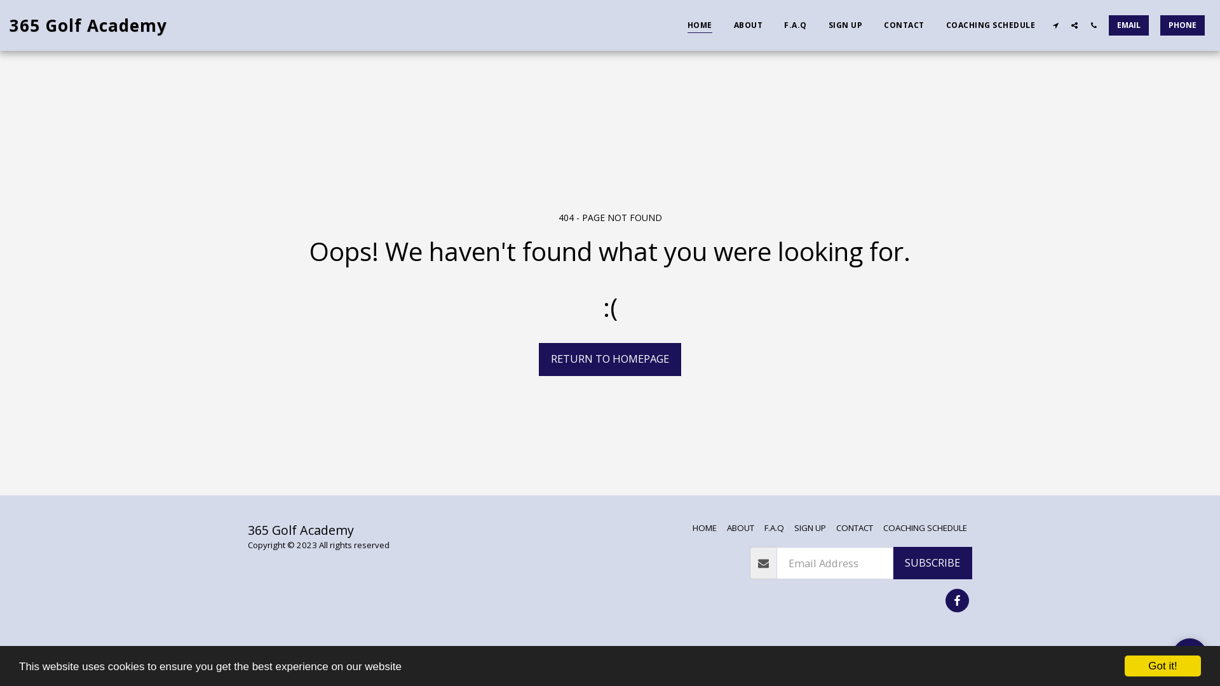 This screenshot has height=686, width=1220. Describe the element at coordinates (1128, 25) in the screenshot. I see `'EMAIL'` at that location.